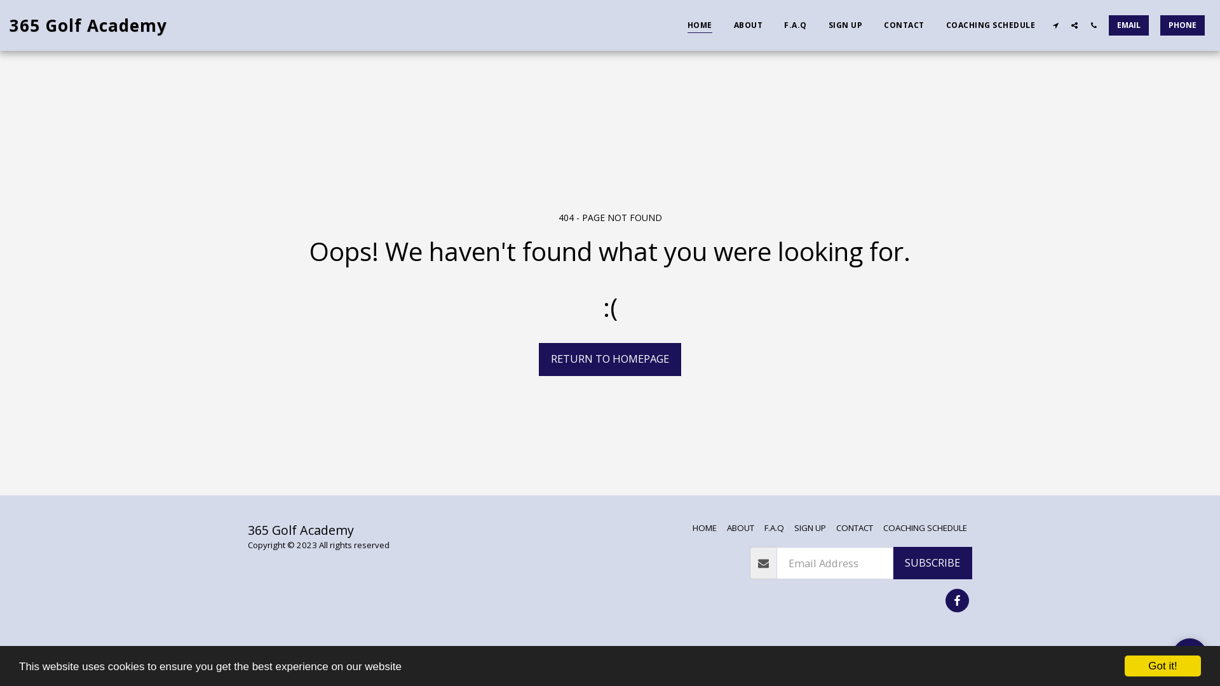 This screenshot has height=686, width=1220. Describe the element at coordinates (1128, 25) in the screenshot. I see `'EMAIL'` at that location.